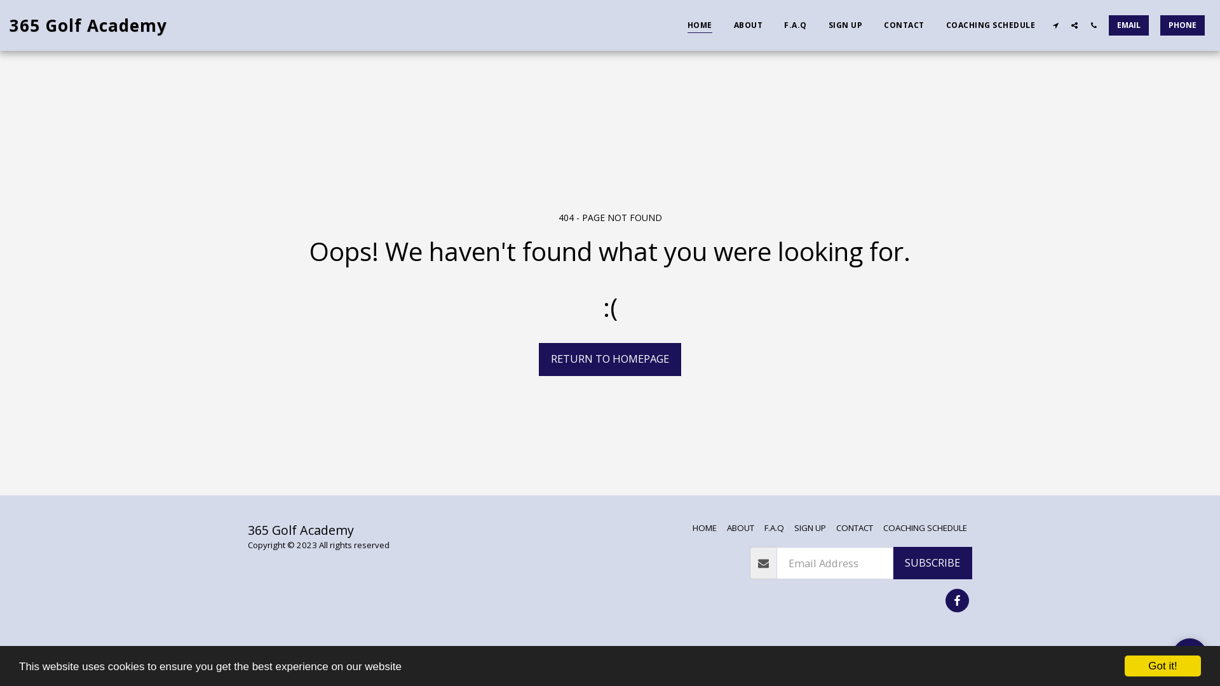 This screenshot has height=686, width=1220. Describe the element at coordinates (1128, 25) in the screenshot. I see `'EMAIL'` at that location.